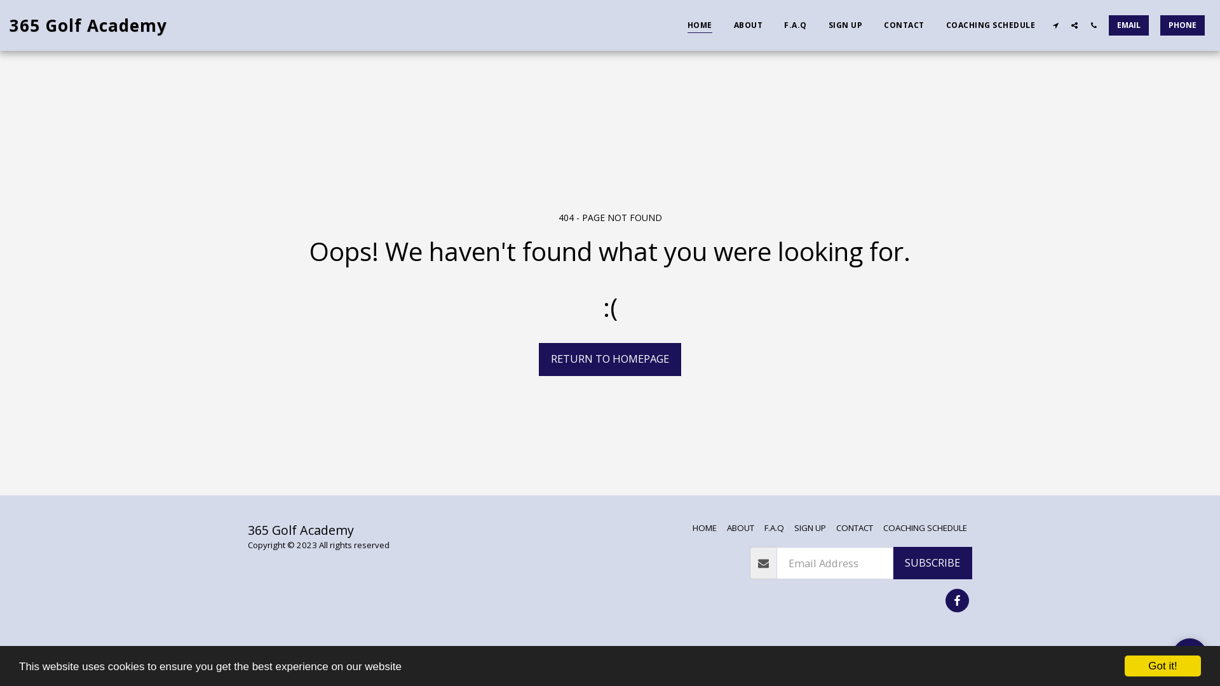 This screenshot has height=686, width=1220. Describe the element at coordinates (1128, 25) in the screenshot. I see `'EMAIL'` at that location.